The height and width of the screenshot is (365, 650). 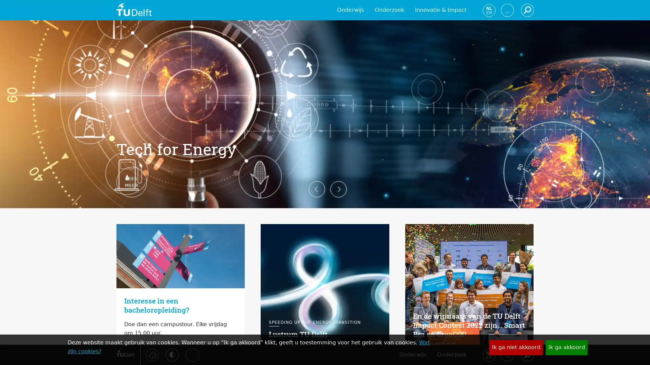 I want to click on Ga naar volgend item, so click(x=544, y=182).